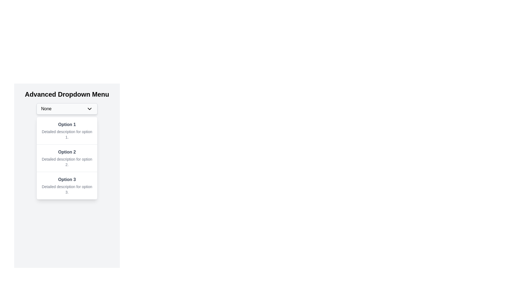  I want to click on the static text label displaying 'Option 3', which is part of a dropdown menu and is the first text in the third option of a vertically arranged list, so click(66, 179).